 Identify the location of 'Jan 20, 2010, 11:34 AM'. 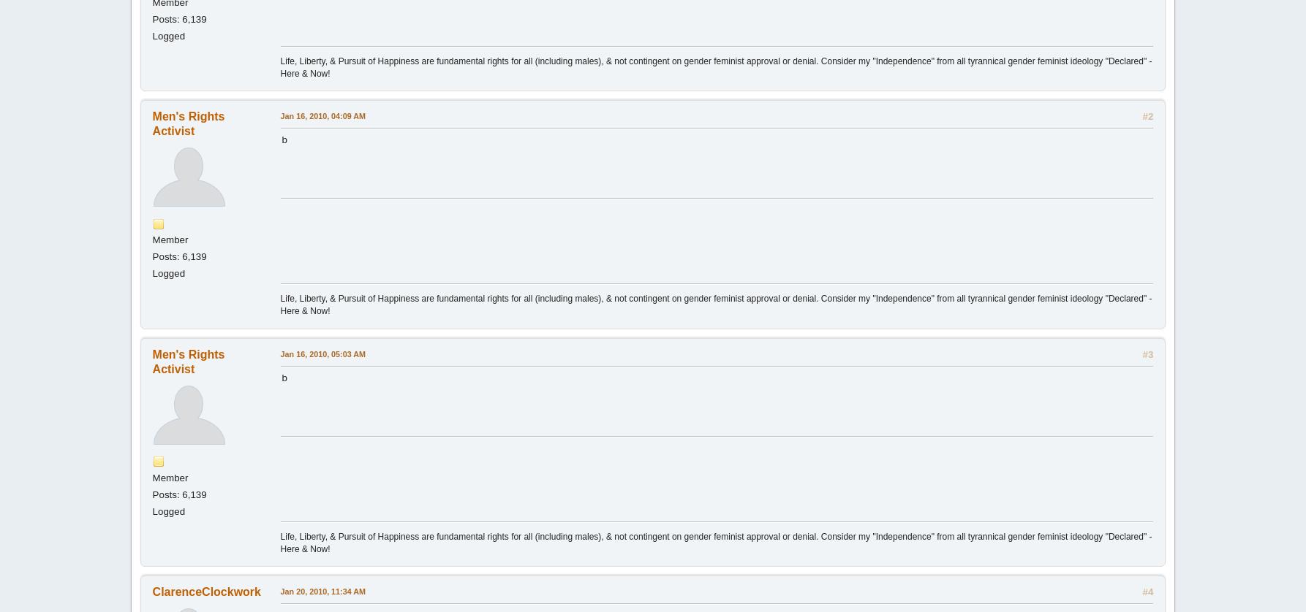
(279, 591).